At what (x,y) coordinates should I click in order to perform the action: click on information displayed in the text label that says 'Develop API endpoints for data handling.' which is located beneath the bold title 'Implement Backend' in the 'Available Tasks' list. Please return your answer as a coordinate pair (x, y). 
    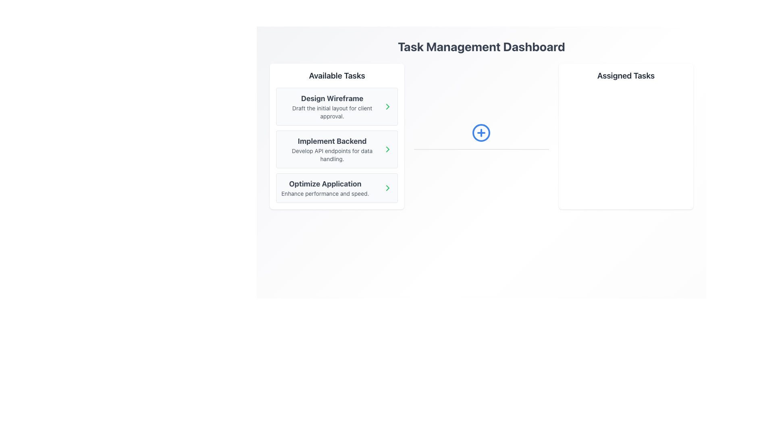
    Looking at the image, I should click on (332, 155).